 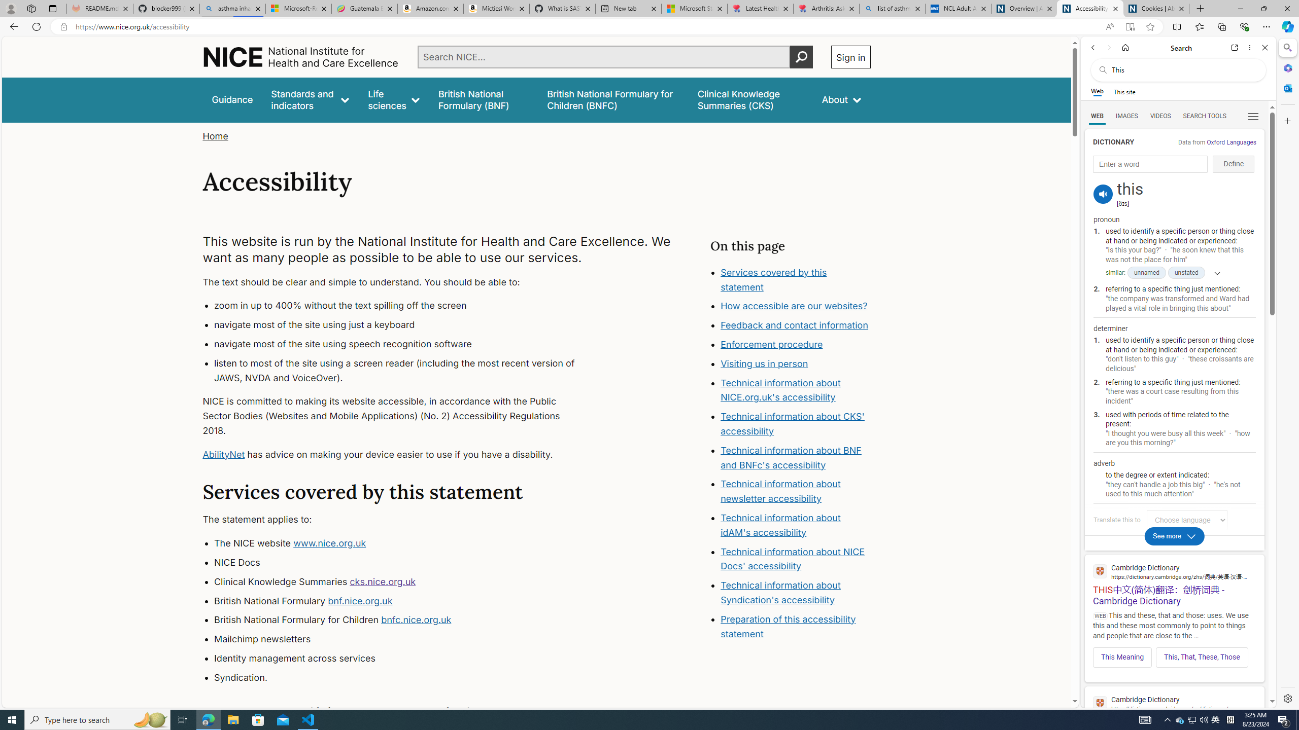 I want to click on 'This Meaning', so click(x=1121, y=656).